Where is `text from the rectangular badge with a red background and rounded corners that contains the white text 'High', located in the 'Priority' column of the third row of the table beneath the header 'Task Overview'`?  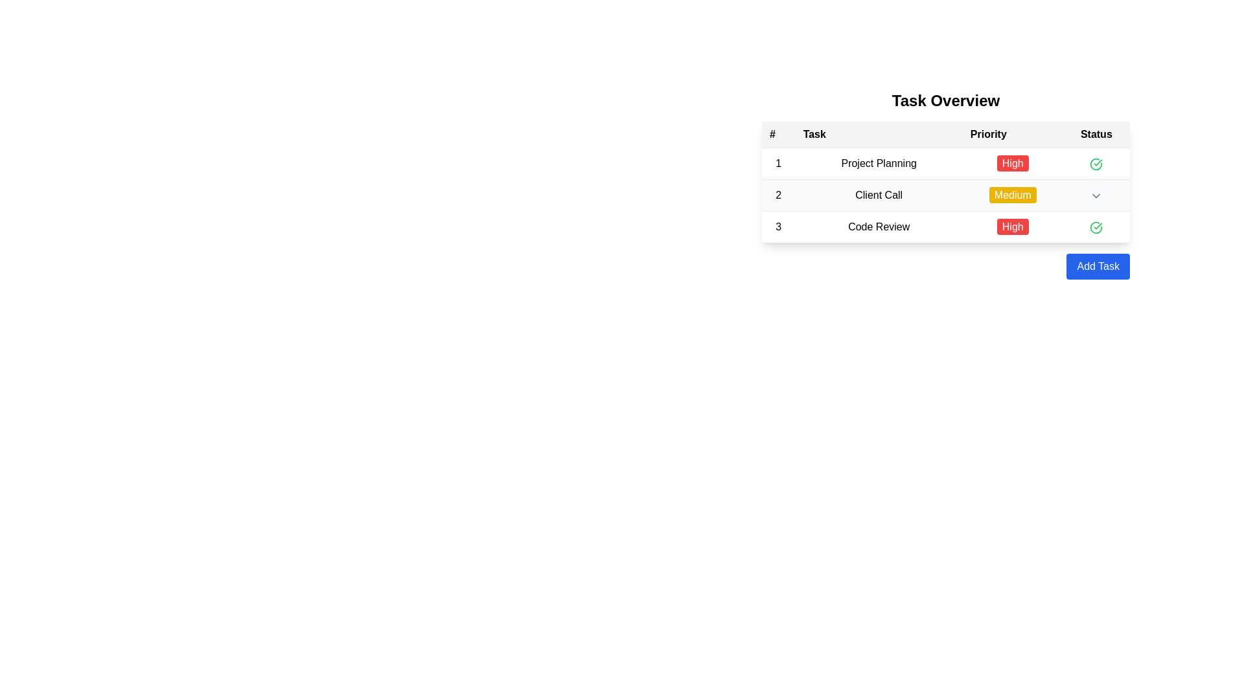
text from the rectangular badge with a red background and rounded corners that contains the white text 'High', located in the 'Priority' column of the third row of the table beneath the header 'Task Overview' is located at coordinates (1012, 226).